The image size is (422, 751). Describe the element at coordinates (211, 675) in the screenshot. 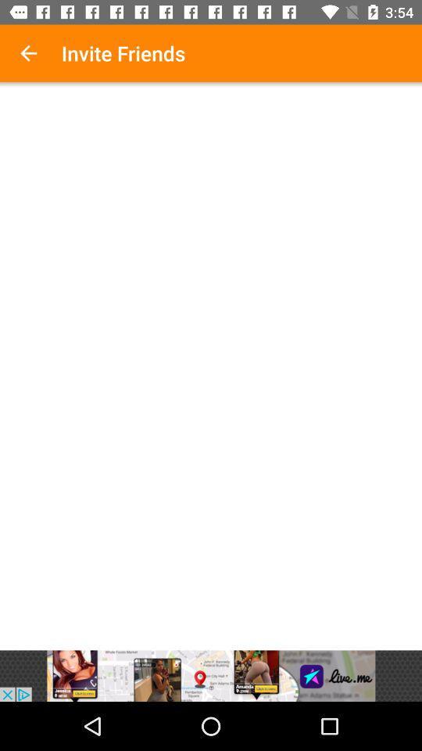

I see `interact with advertisement` at that location.